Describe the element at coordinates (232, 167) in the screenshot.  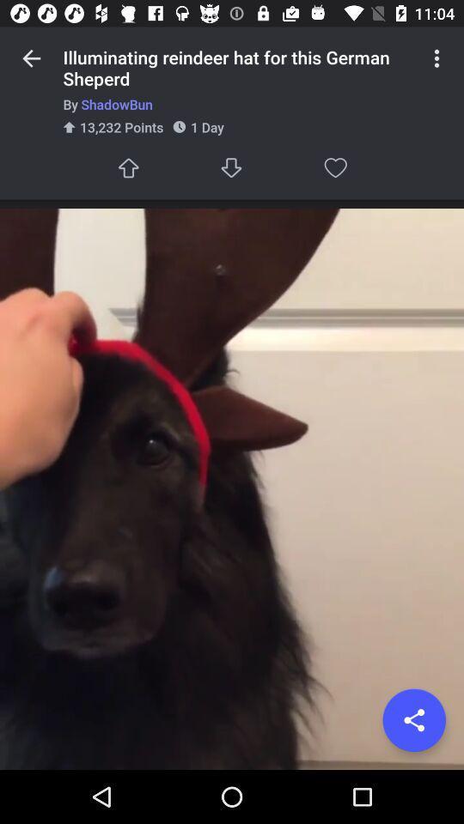
I see `icon next to 13,231 points icon` at that location.